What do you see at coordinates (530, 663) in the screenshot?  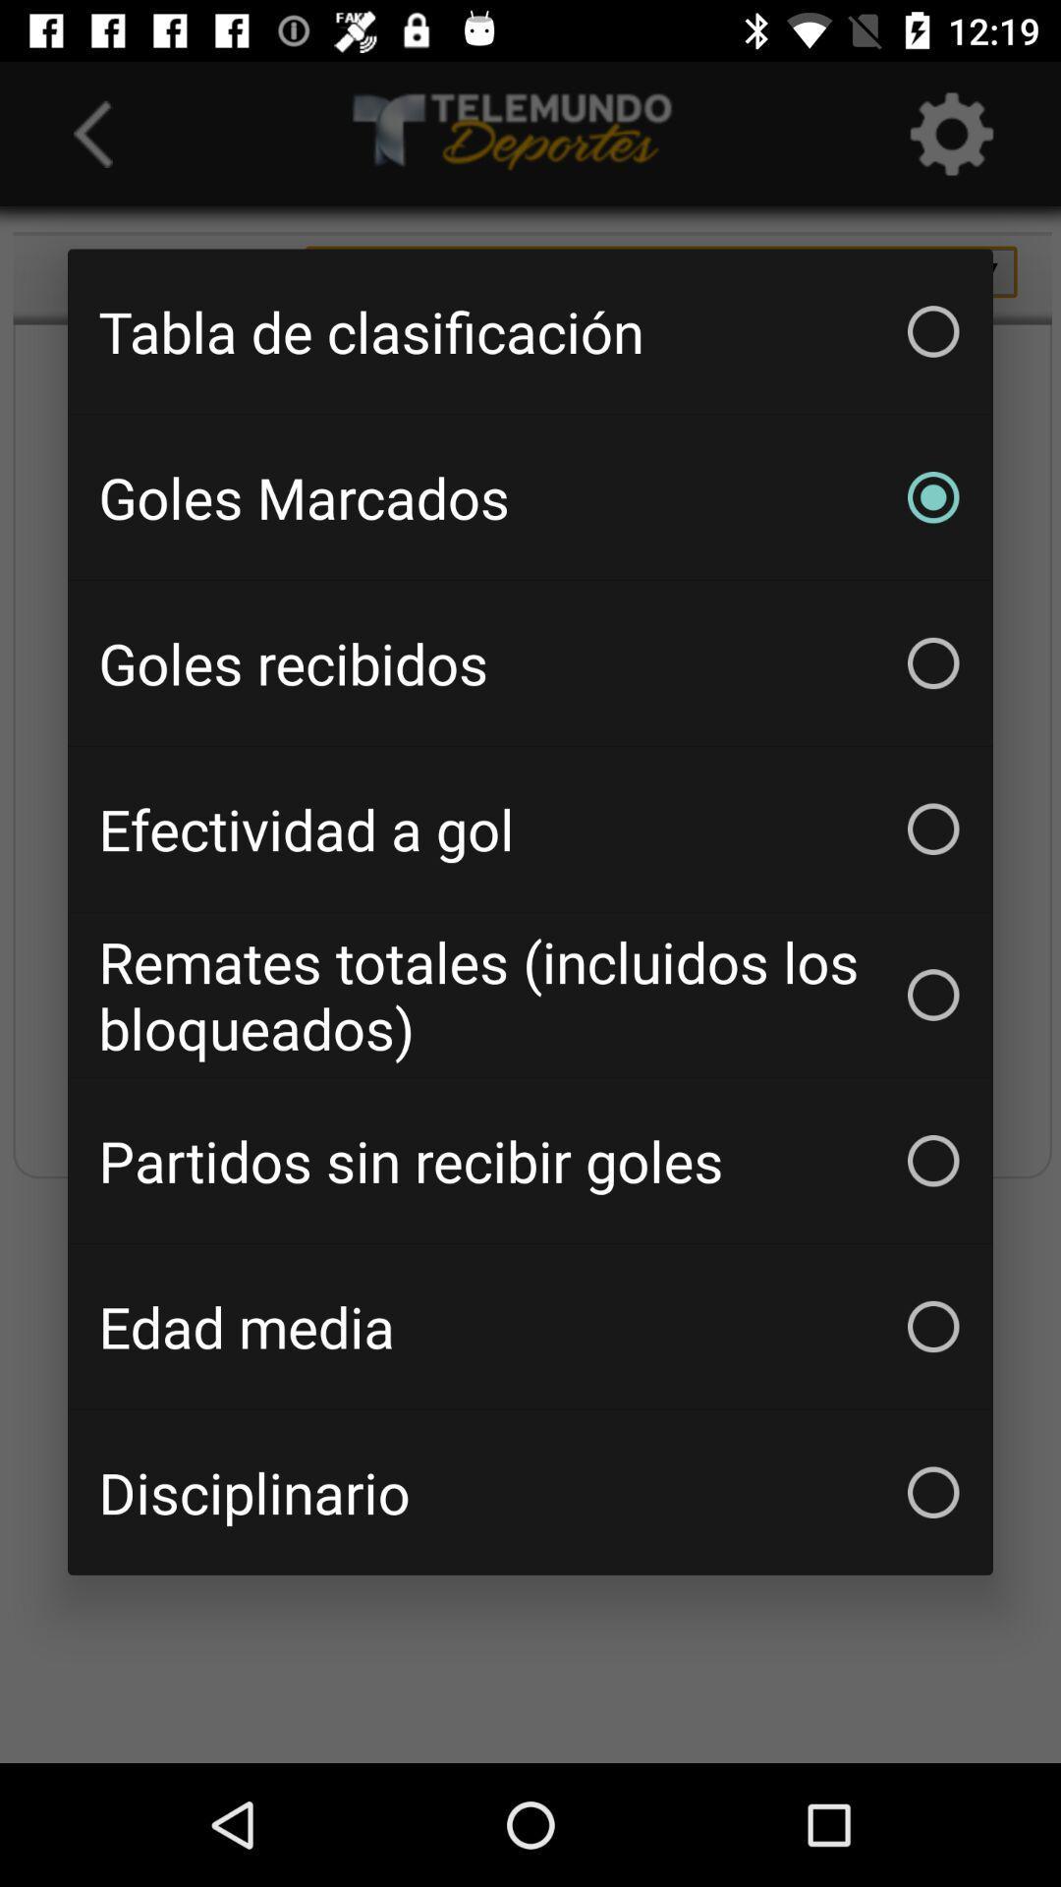 I see `the item above the efectividad a gol` at bounding box center [530, 663].